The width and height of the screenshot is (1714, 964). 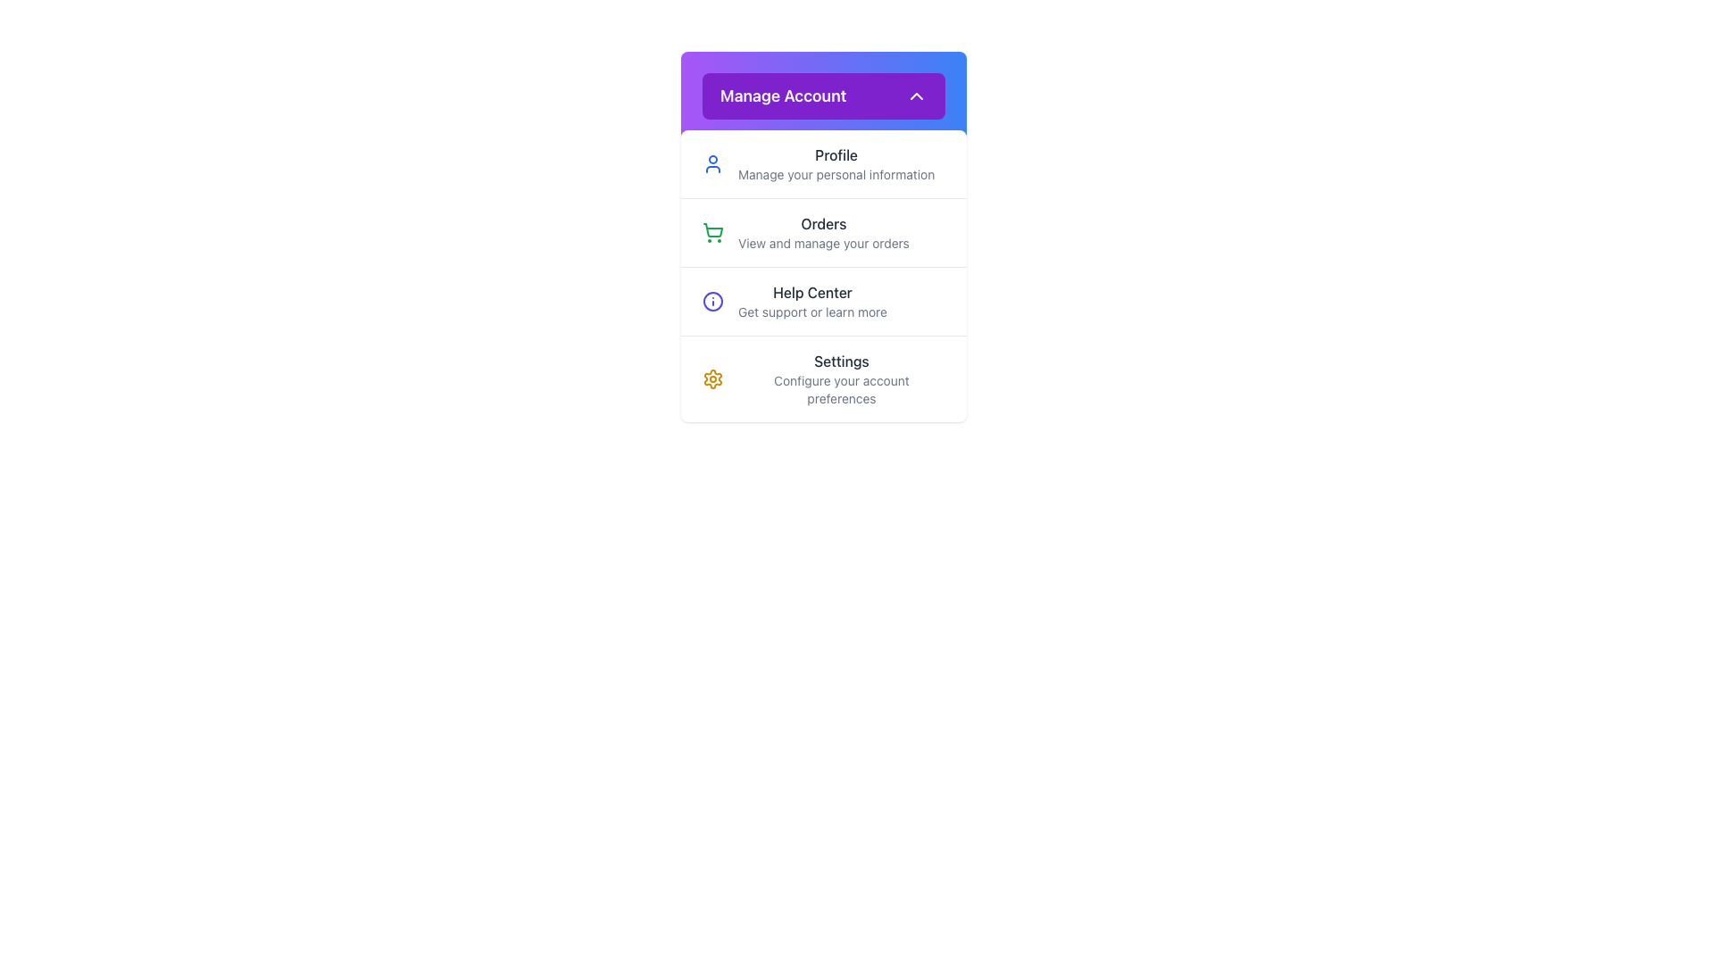 What do you see at coordinates (711, 232) in the screenshot?
I see `the 'Orders' option by clicking on the icon that visually represents it, located to the left of the text 'Orders'` at bounding box center [711, 232].